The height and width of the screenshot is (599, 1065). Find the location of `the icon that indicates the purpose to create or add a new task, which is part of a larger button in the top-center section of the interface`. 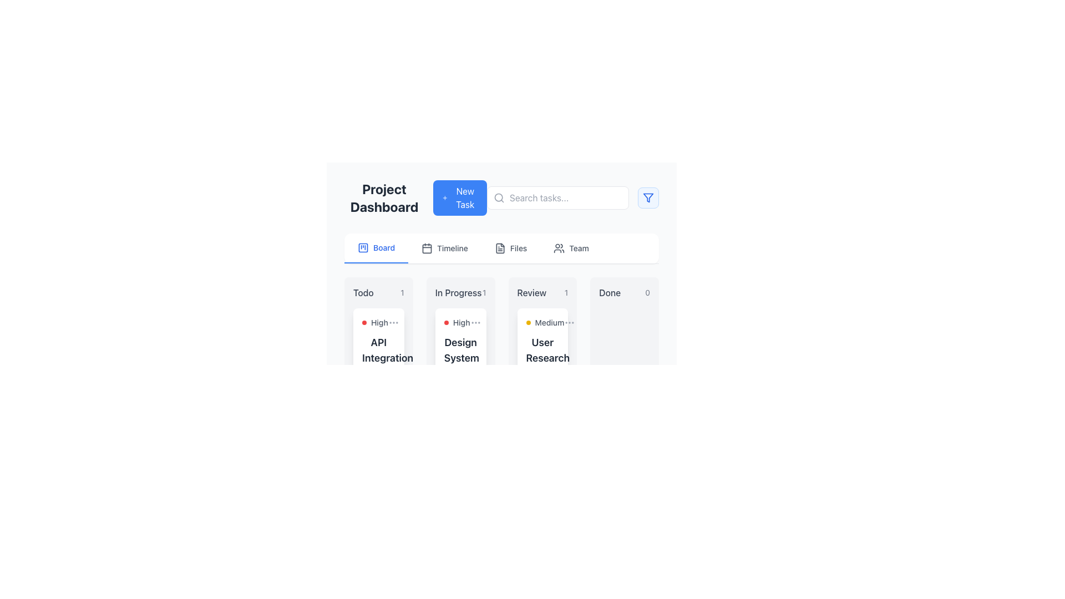

the icon that indicates the purpose to create or add a new task, which is part of a larger button in the top-center section of the interface is located at coordinates (445, 197).